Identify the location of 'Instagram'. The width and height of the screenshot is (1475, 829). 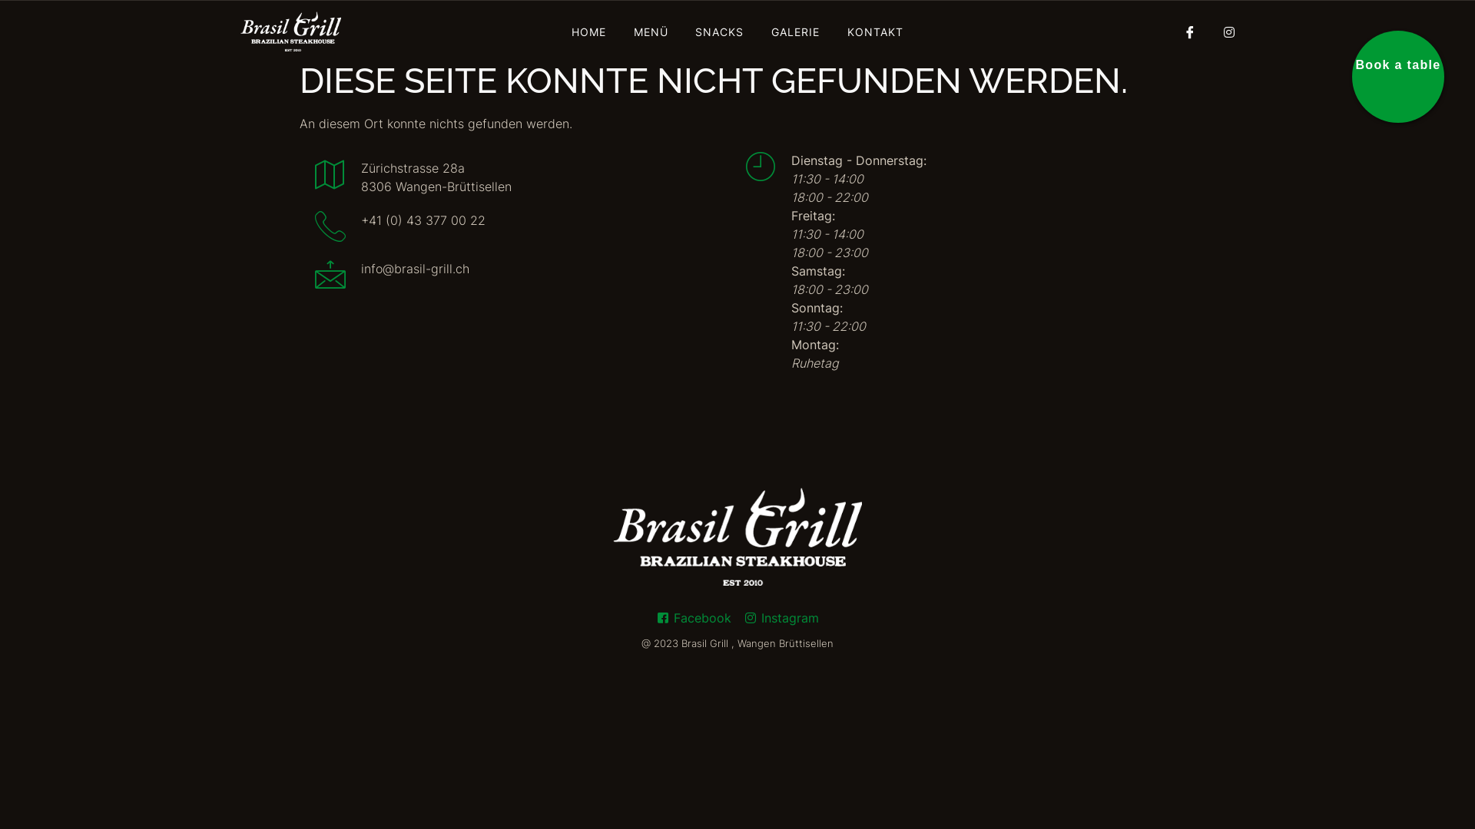
(781, 617).